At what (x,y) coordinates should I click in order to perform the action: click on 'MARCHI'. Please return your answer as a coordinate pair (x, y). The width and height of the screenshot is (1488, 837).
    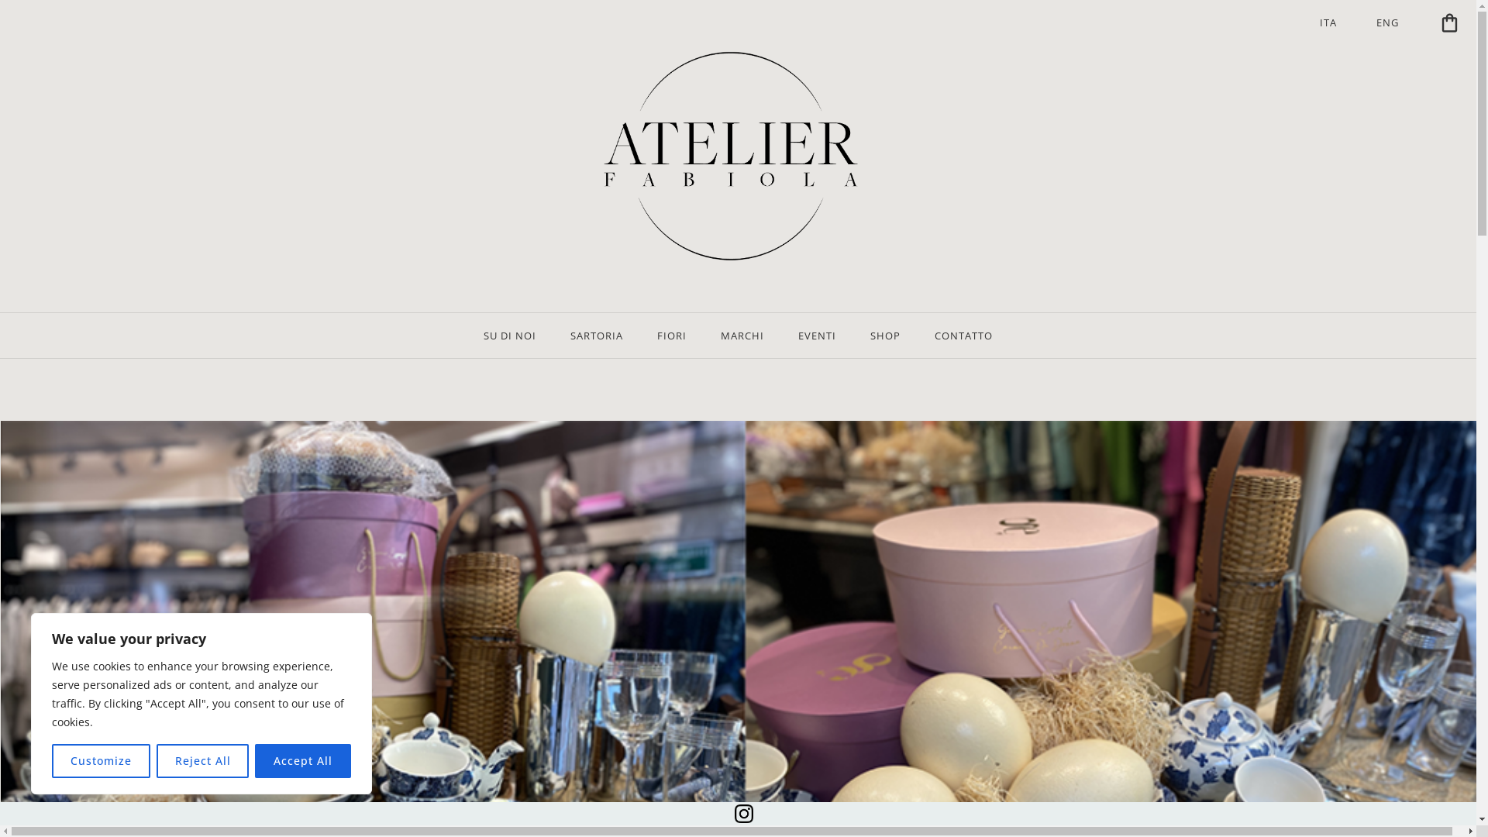
    Looking at the image, I should click on (742, 334).